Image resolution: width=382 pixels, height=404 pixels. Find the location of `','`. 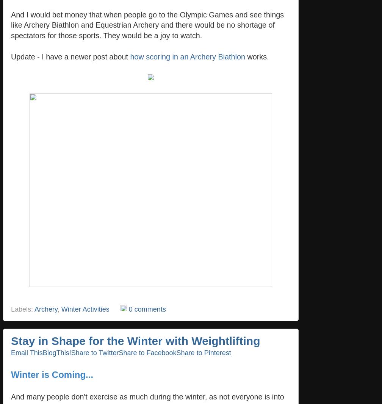

',' is located at coordinates (57, 309).